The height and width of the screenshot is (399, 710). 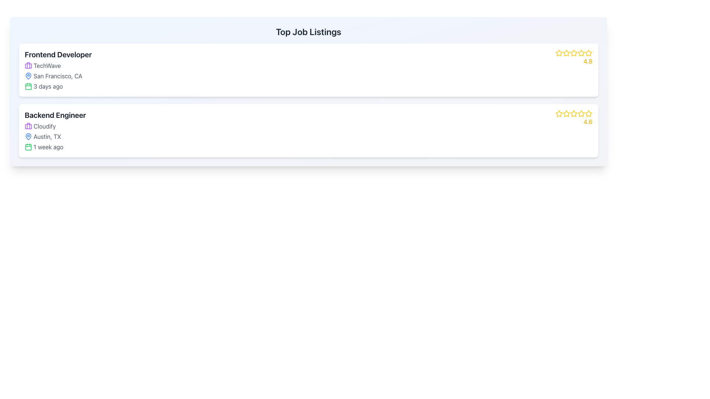 What do you see at coordinates (588, 114) in the screenshot?
I see `the fifth star icon with a yellow outline in the rating section of the job listings UI, positioned on the far right` at bounding box center [588, 114].